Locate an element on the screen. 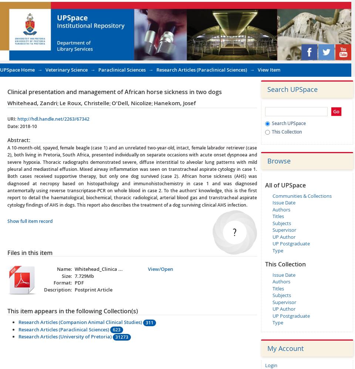 The image size is (355, 369). 'Browse' is located at coordinates (278, 161).